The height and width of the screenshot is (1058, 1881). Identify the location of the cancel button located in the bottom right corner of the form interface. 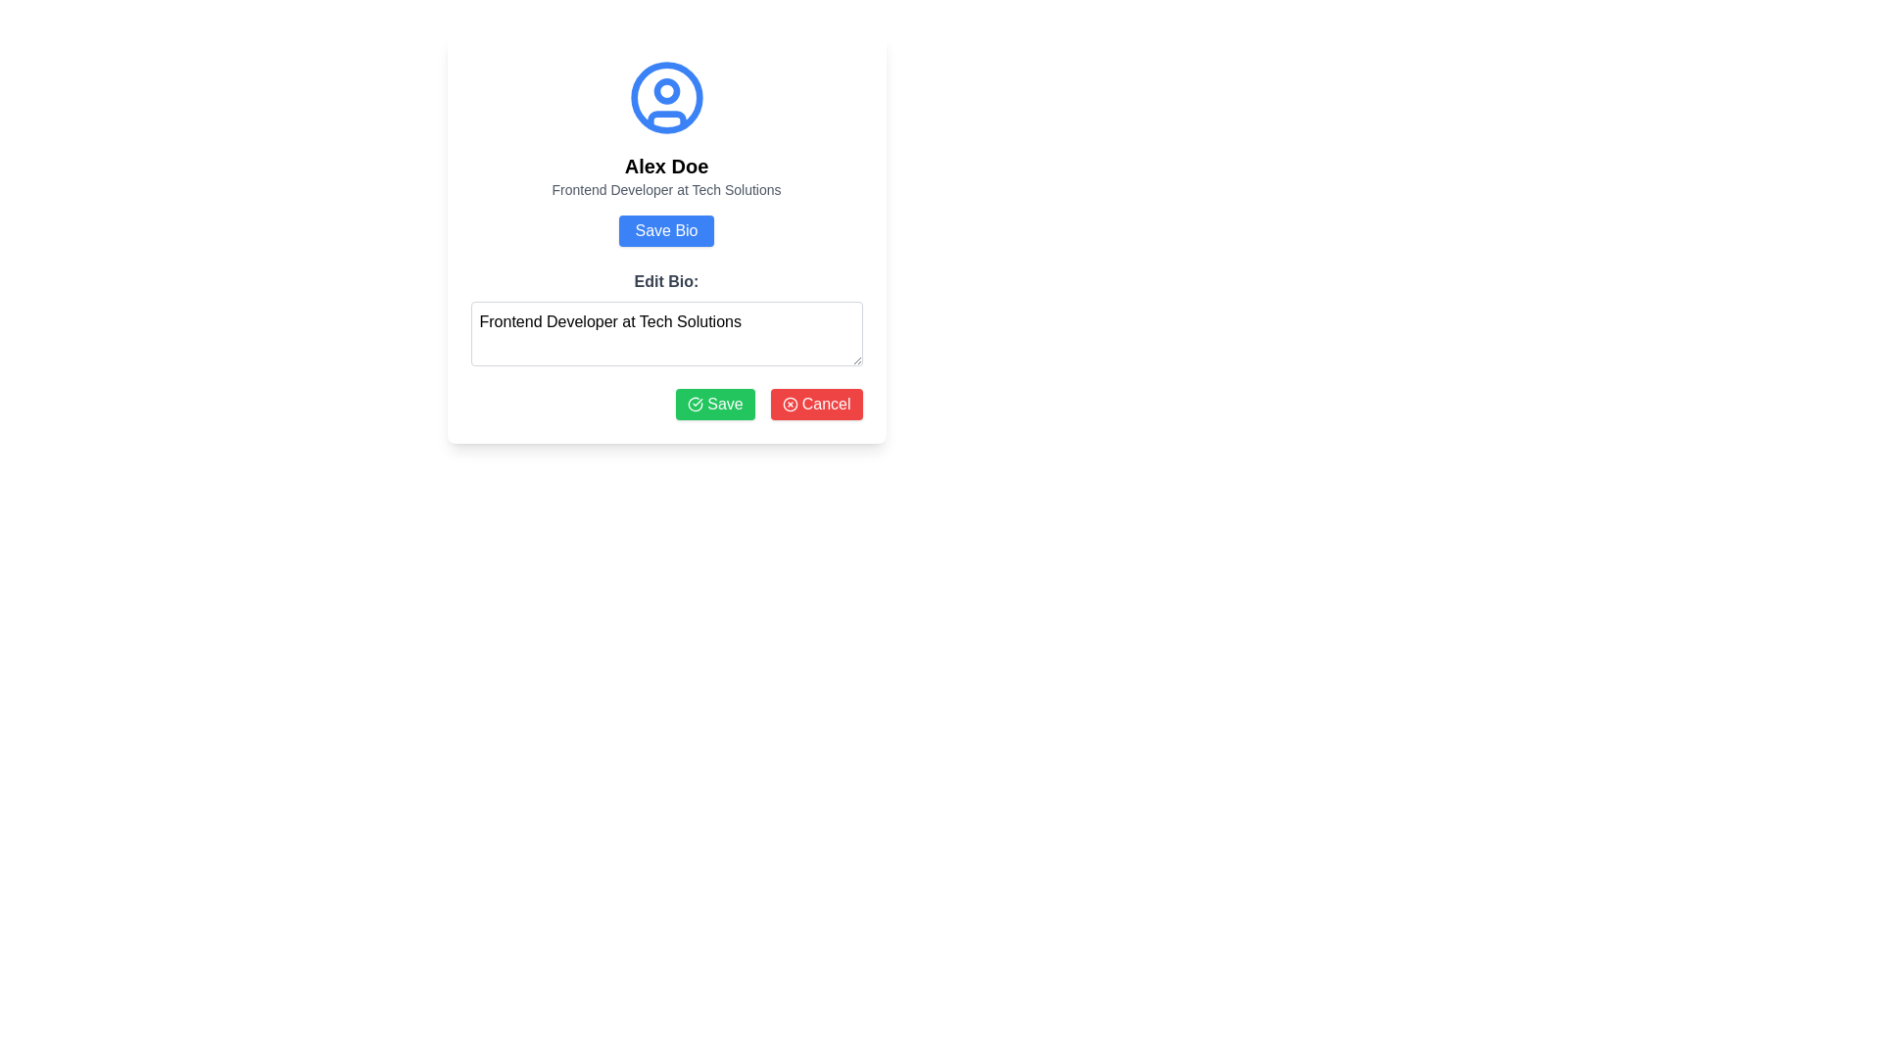
(816, 403).